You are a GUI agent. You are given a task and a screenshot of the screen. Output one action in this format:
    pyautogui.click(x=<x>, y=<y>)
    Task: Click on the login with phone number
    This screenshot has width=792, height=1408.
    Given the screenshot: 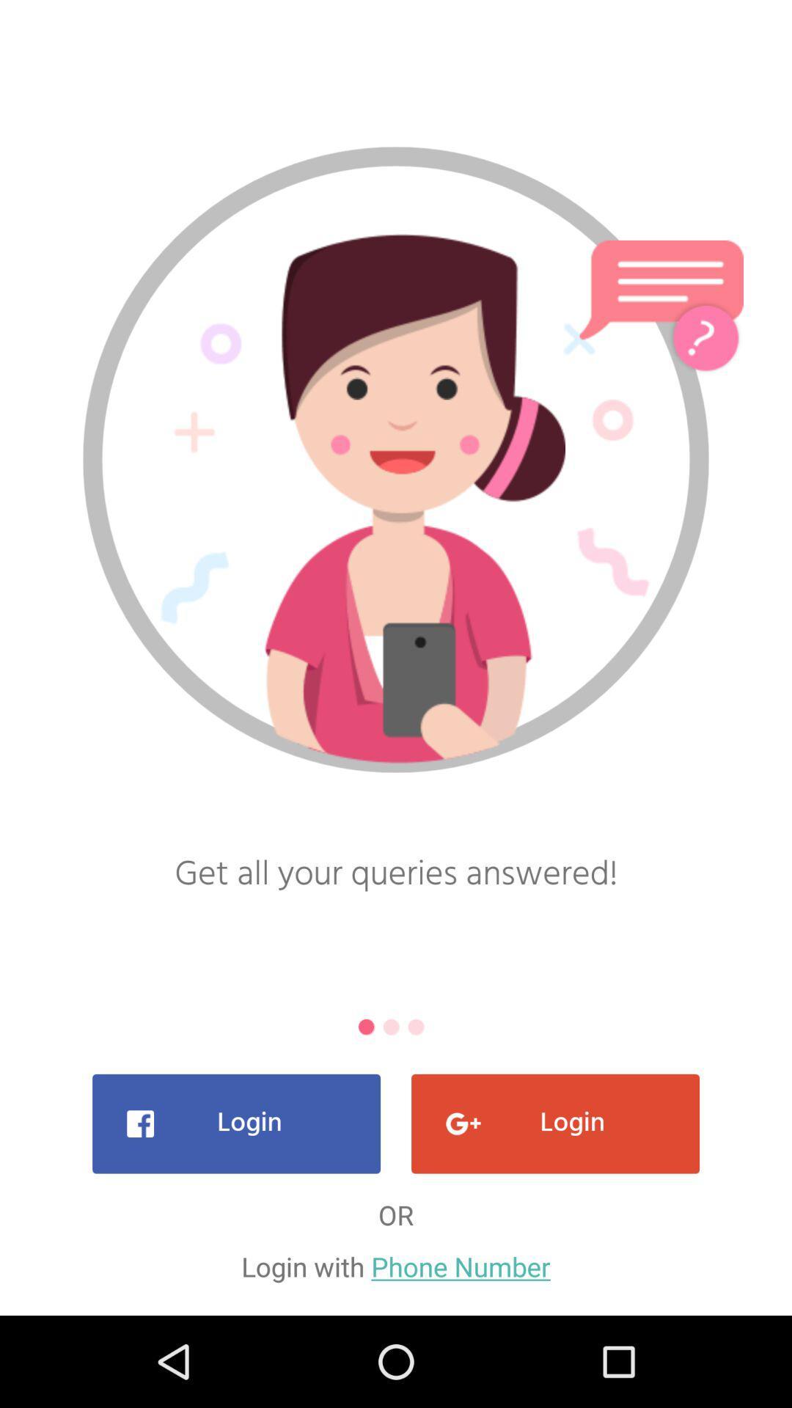 What is the action you would take?
    pyautogui.click(x=396, y=1266)
    